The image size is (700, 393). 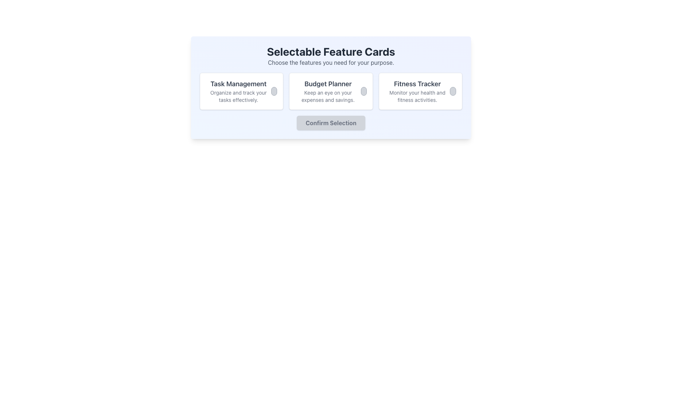 What do you see at coordinates (330, 51) in the screenshot?
I see `the text label that serves as a descriptive title for the section, located at the top center of the panel` at bounding box center [330, 51].